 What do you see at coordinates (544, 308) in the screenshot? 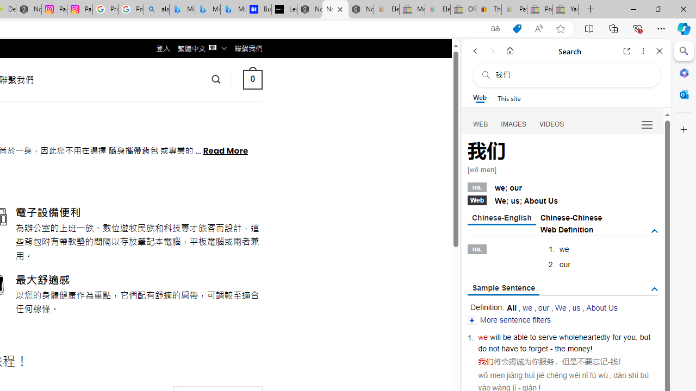
I see `'our'` at bounding box center [544, 308].